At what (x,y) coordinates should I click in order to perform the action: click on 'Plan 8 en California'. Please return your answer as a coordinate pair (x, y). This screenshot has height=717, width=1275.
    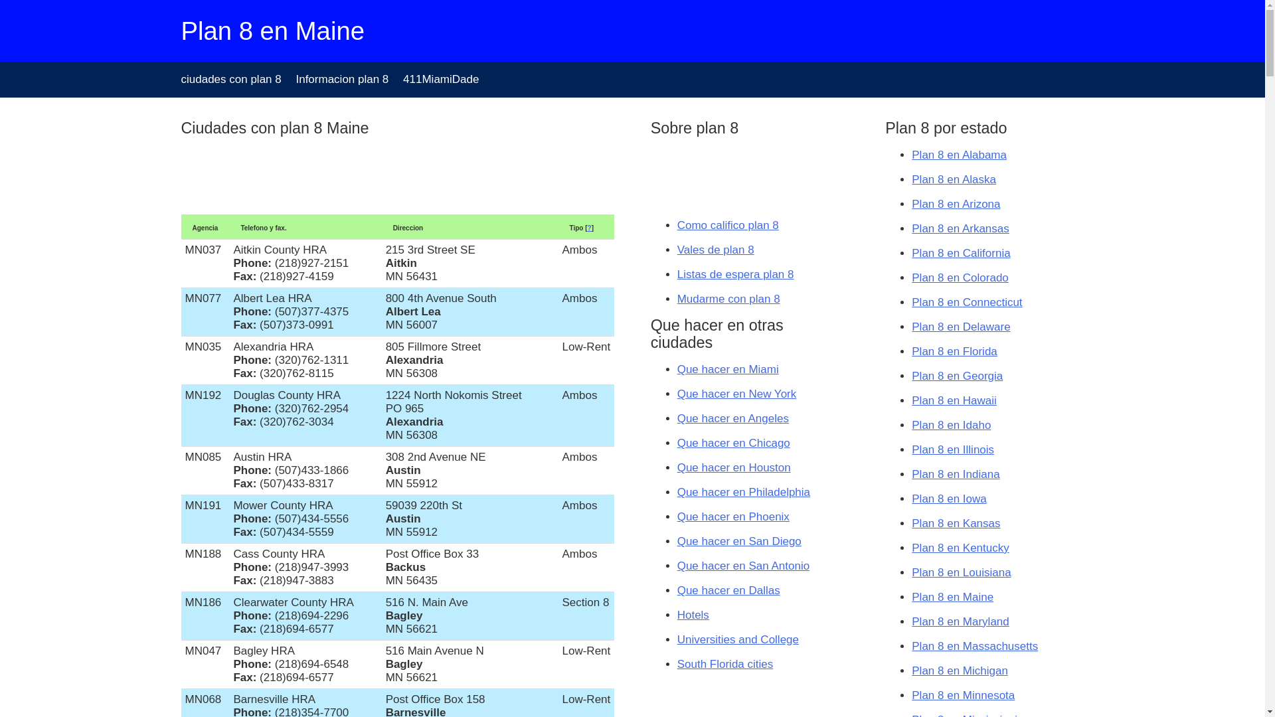
    Looking at the image, I should click on (960, 253).